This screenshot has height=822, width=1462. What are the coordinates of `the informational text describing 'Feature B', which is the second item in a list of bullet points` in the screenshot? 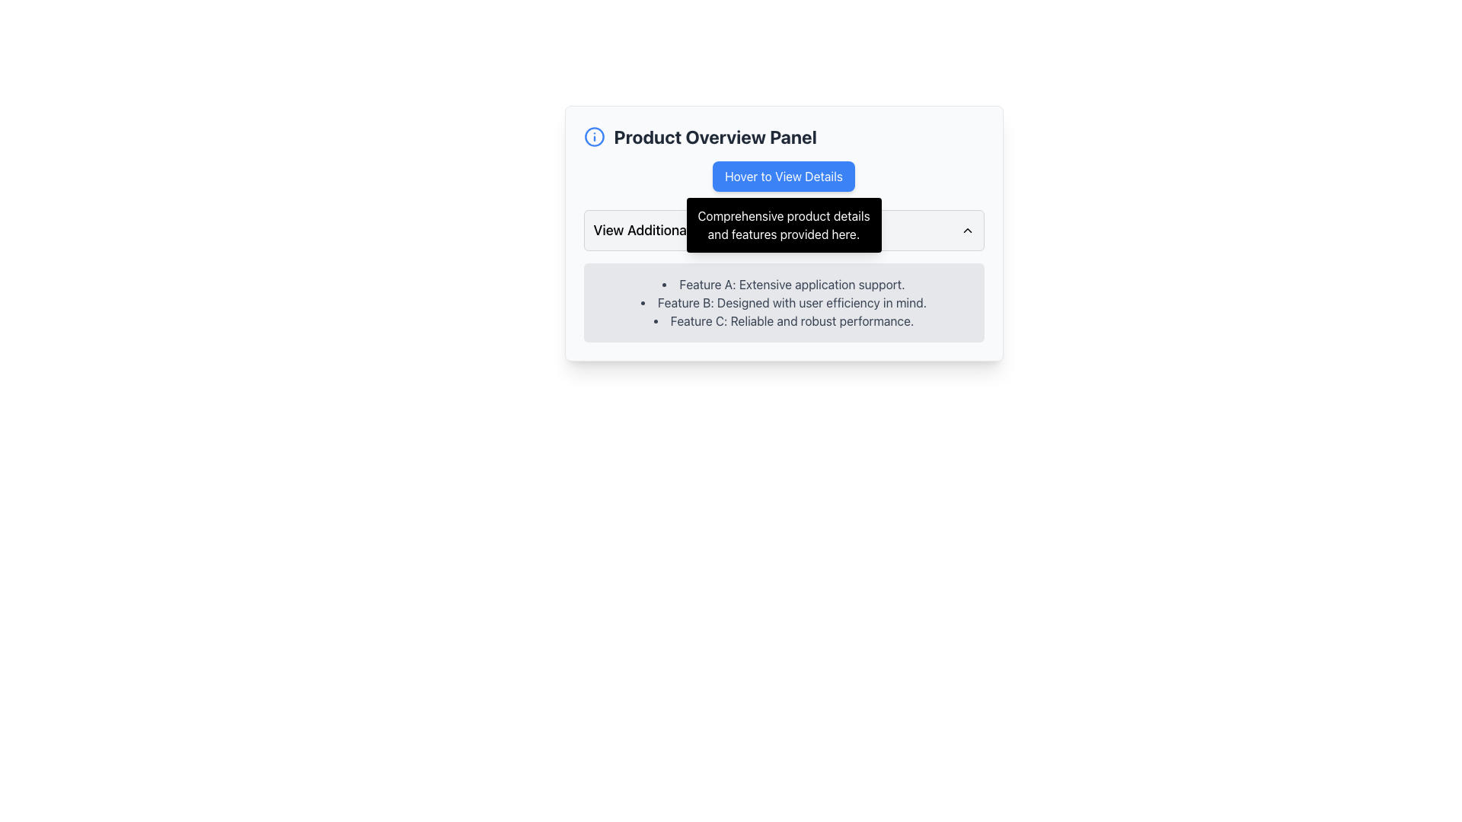 It's located at (784, 302).